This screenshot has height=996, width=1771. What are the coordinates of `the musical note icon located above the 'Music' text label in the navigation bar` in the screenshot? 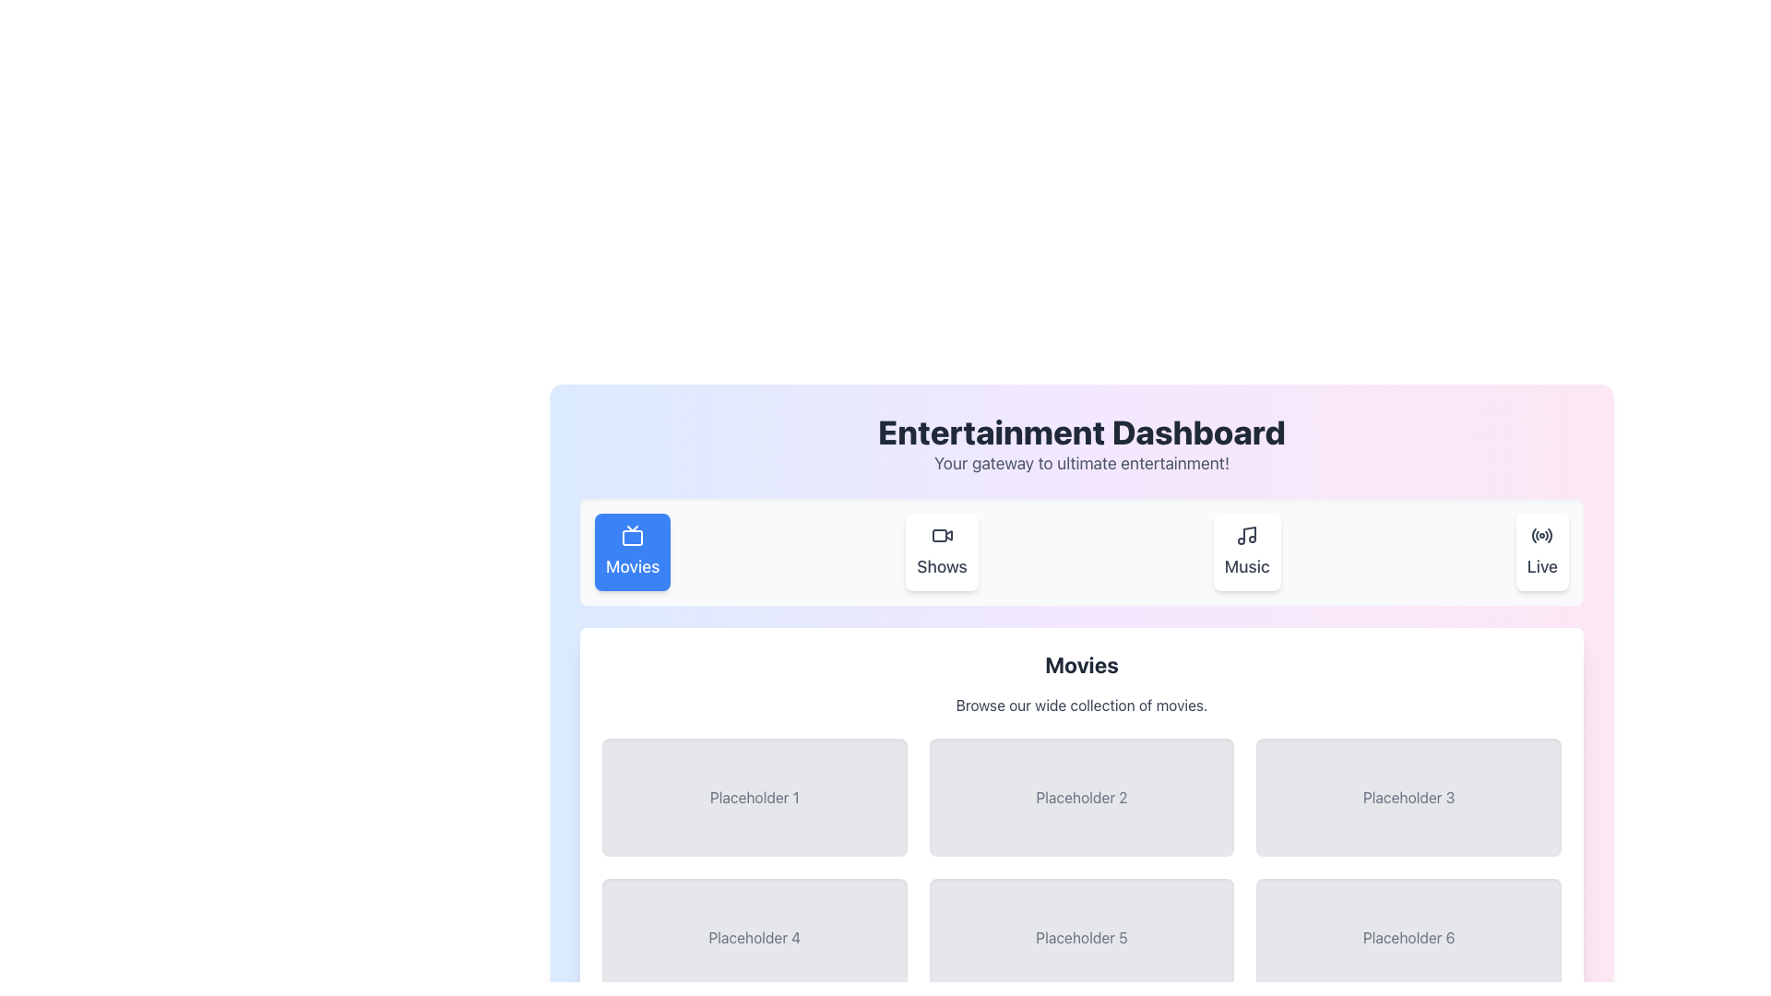 It's located at (1247, 536).